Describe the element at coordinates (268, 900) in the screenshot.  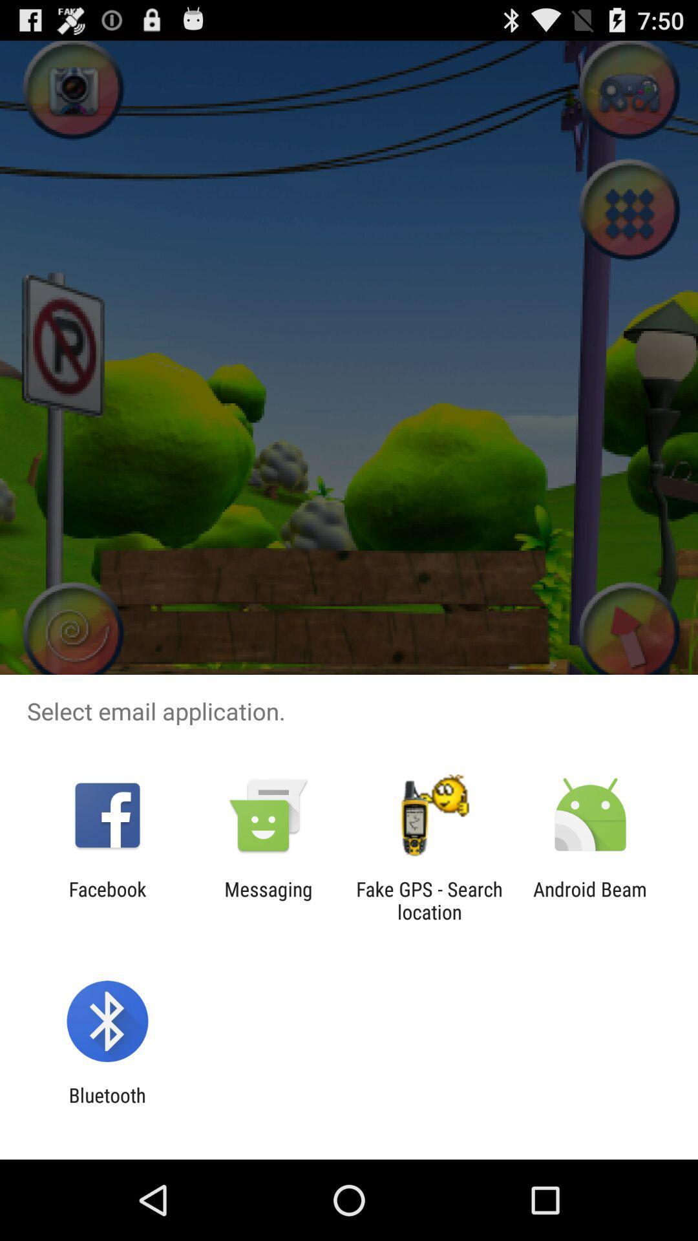
I see `the messaging item` at that location.